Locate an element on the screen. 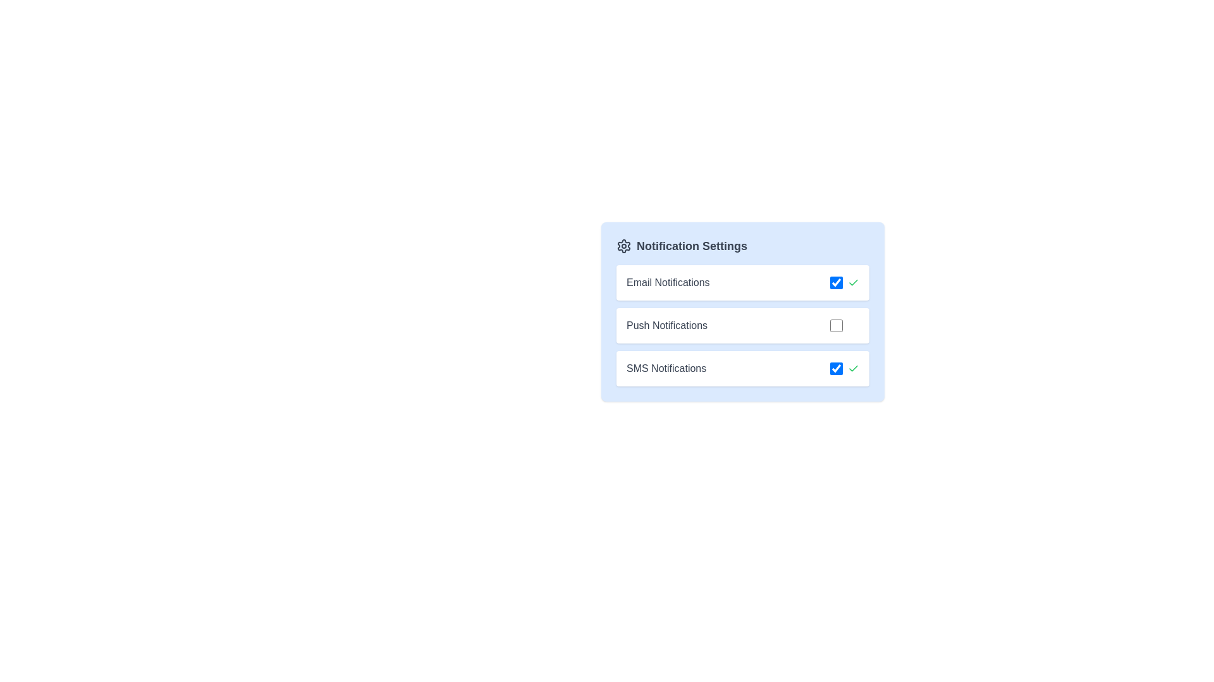 The image size is (1214, 682). settings icon located at the top left of the notification settings card, adjacent to the text 'Notification Settings' is located at coordinates (624, 246).